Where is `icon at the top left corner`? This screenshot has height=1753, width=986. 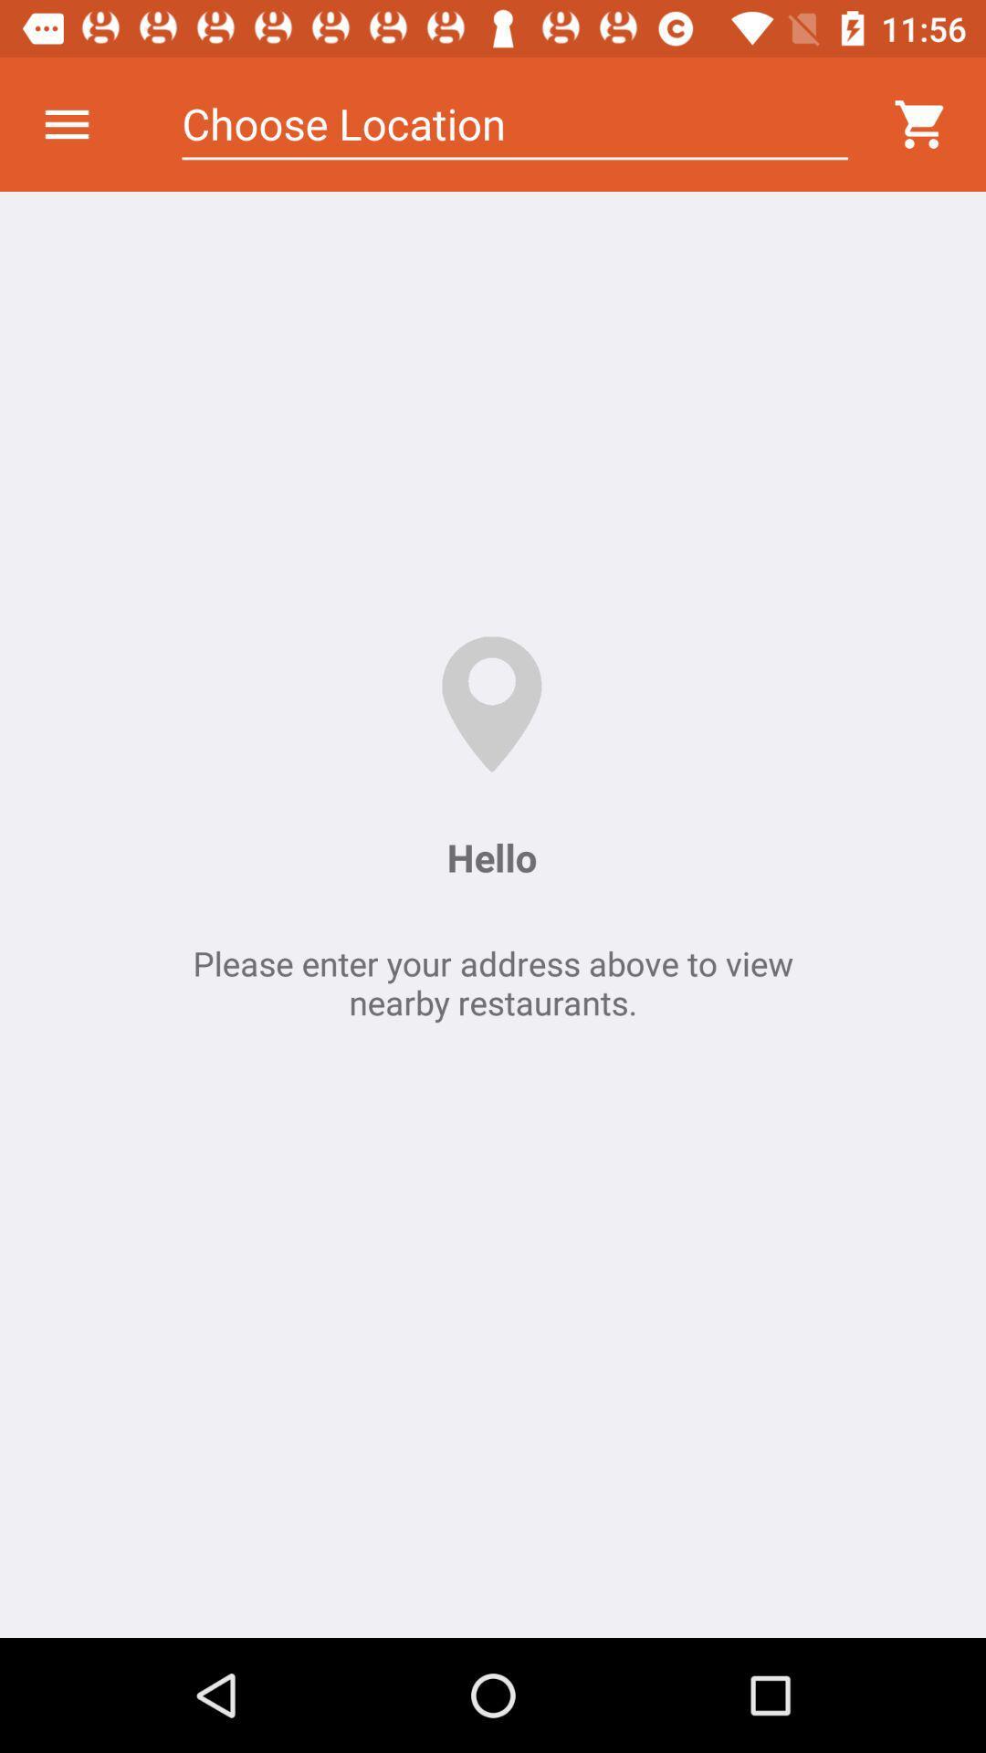 icon at the top left corner is located at coordinates (66, 123).